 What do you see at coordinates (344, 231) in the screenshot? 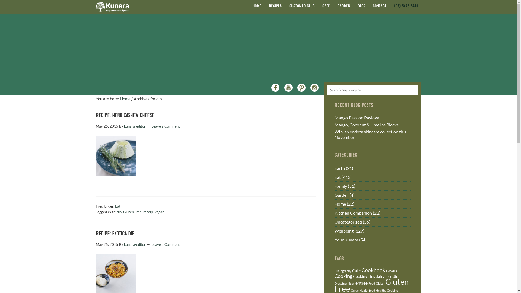
I see `'Wellbeing'` at bounding box center [344, 231].